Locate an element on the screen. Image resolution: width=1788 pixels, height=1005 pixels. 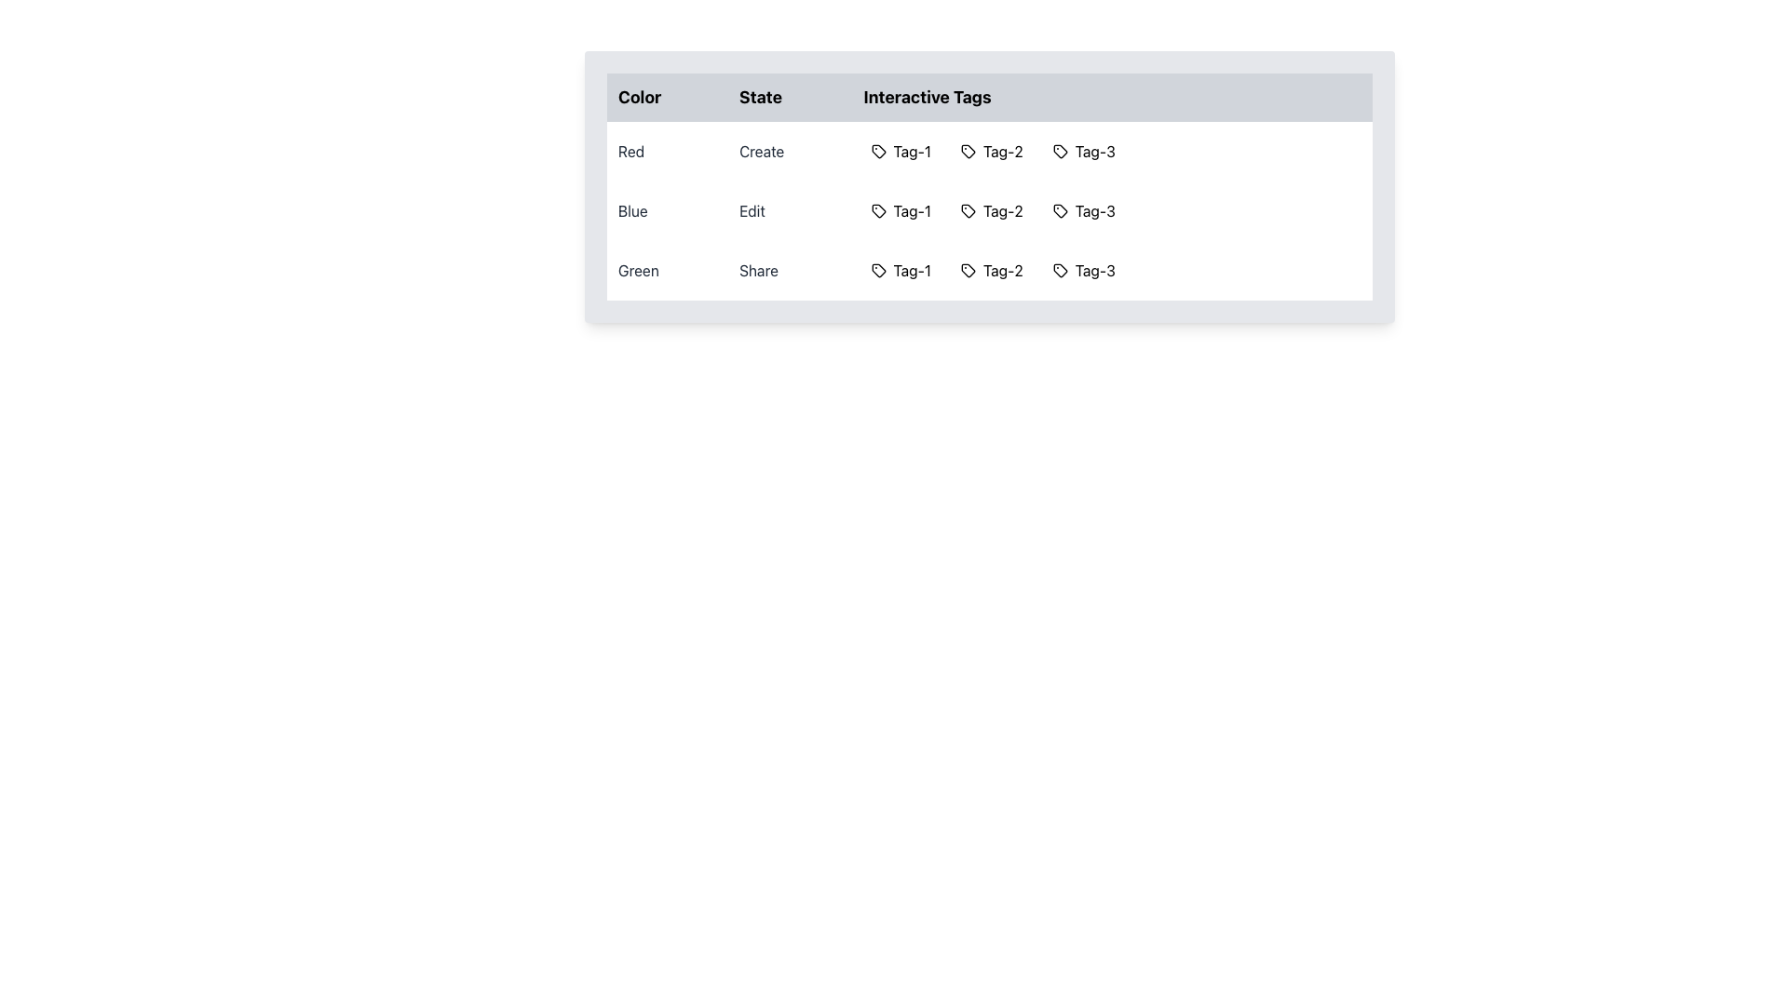
the small red tag icon located inside the 'Tag-1' label in the 'Interactive Tags' column of the first row of the table is located at coordinates (877, 150).